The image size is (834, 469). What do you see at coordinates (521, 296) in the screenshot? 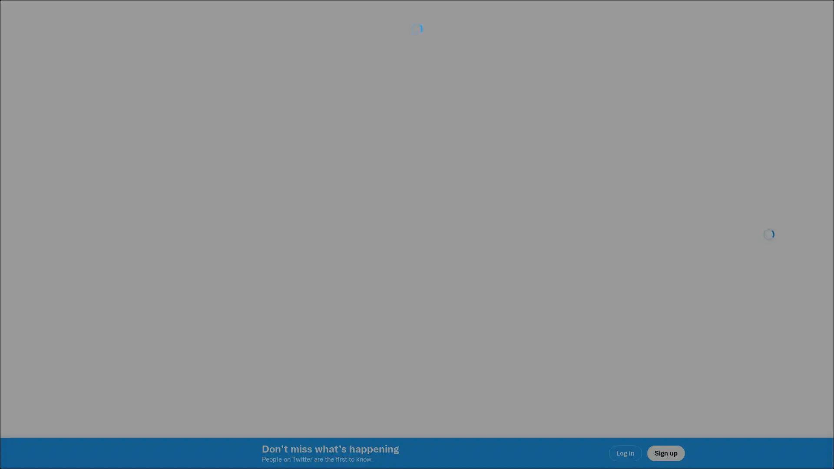
I see `Log in` at bounding box center [521, 296].